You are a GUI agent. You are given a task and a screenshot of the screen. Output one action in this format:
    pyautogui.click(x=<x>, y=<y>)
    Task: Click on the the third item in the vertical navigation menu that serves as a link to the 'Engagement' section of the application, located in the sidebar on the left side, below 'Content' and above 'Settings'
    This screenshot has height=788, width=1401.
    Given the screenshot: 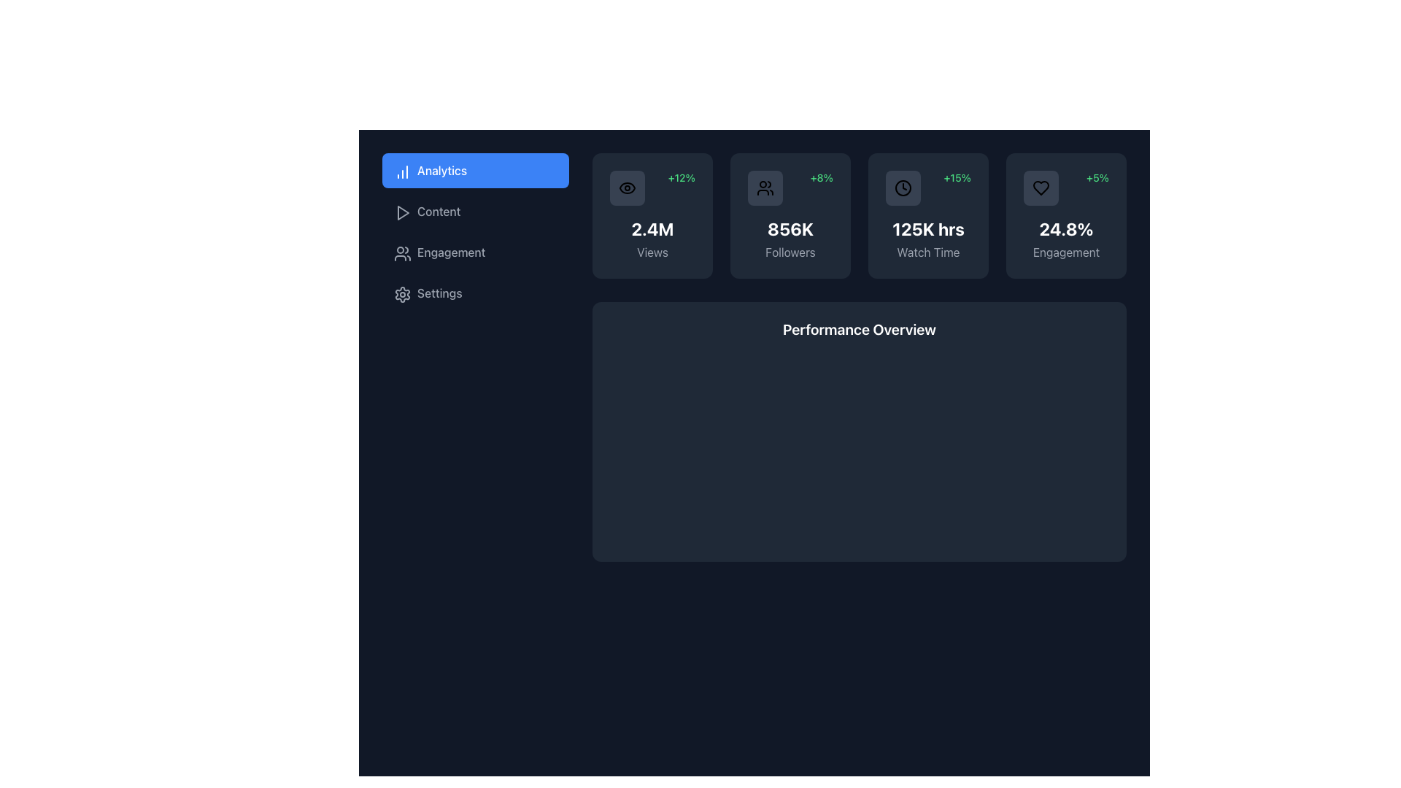 What is the action you would take?
    pyautogui.click(x=476, y=252)
    